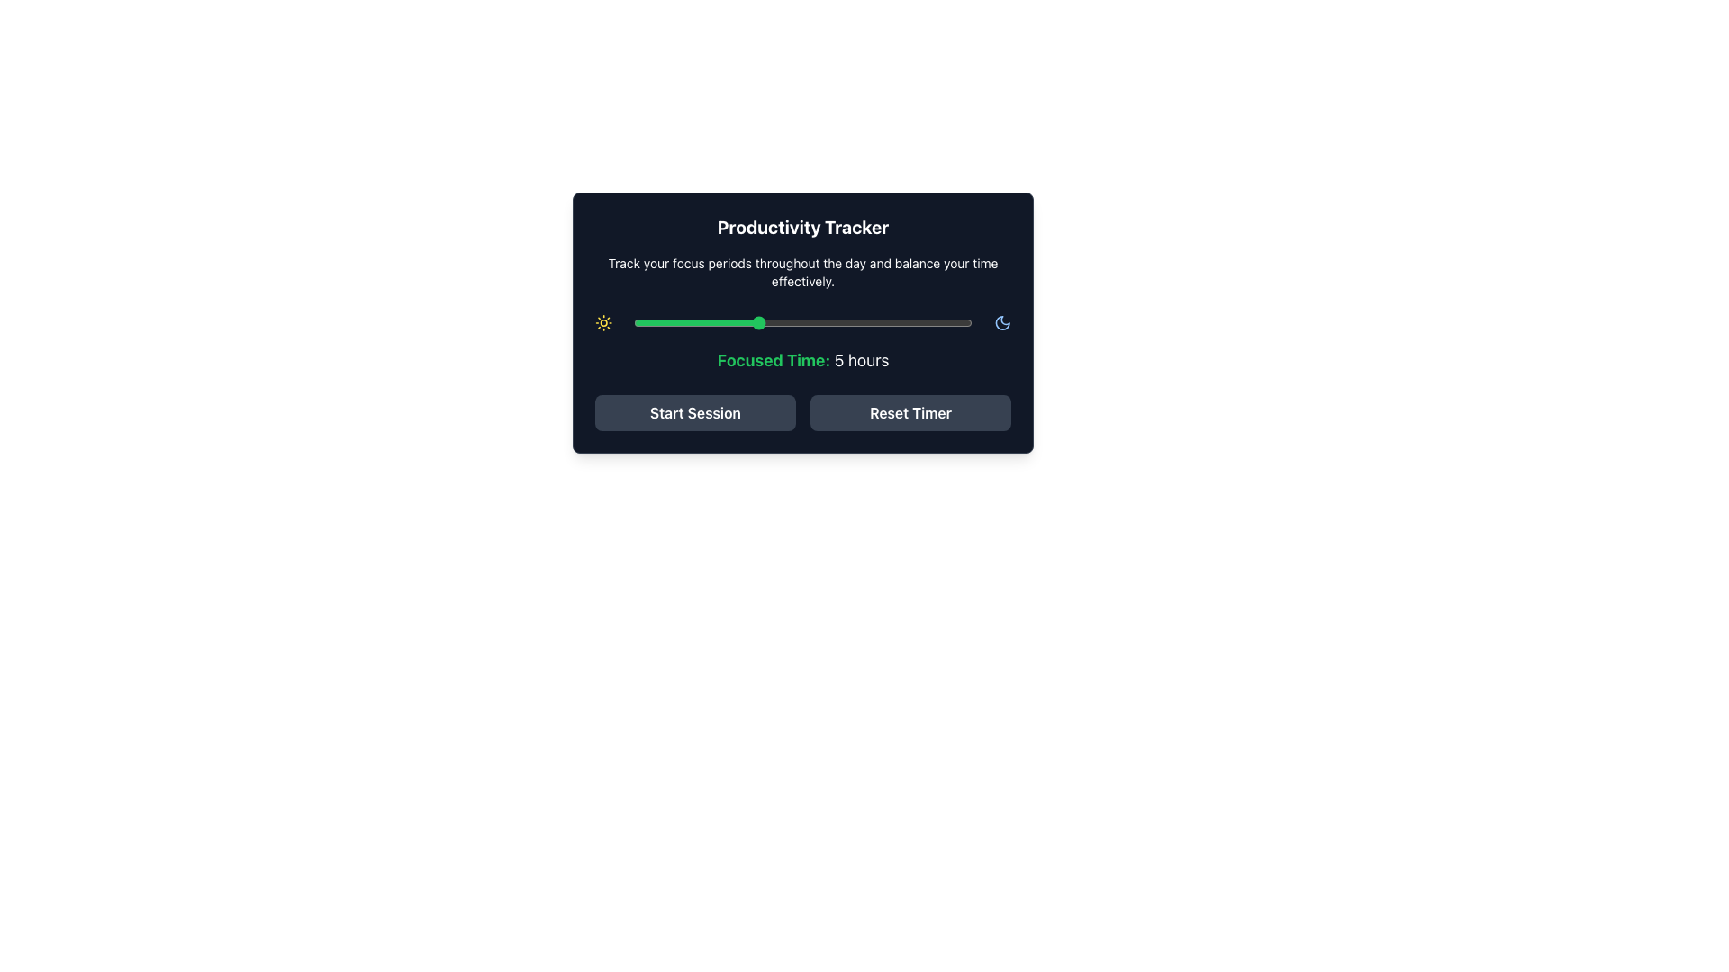 The image size is (1729, 972). Describe the element at coordinates (910, 413) in the screenshot. I see `the reset timer button located in the bottom-right section of the central card to change its background color` at that location.